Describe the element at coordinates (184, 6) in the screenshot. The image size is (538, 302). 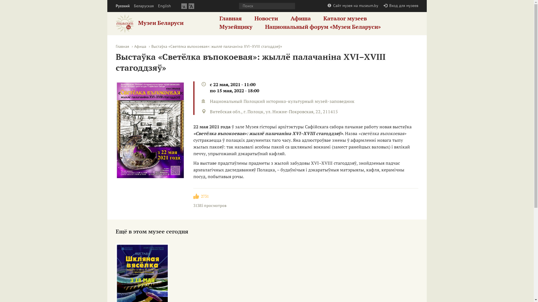
I see `'A'` at that location.